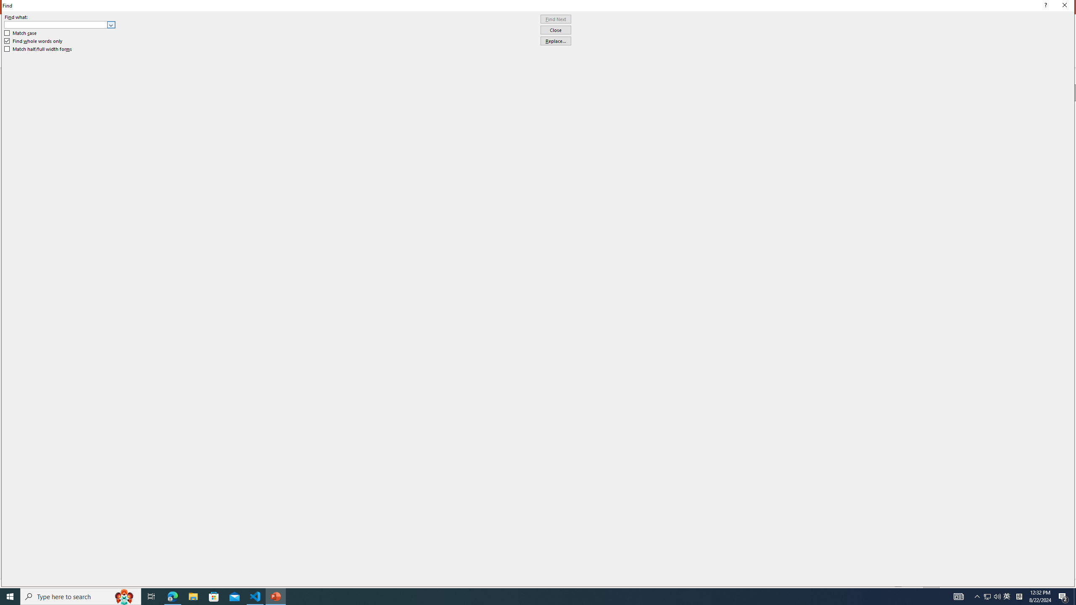  Describe the element at coordinates (34, 40) in the screenshot. I see `'Find whole words only'` at that location.